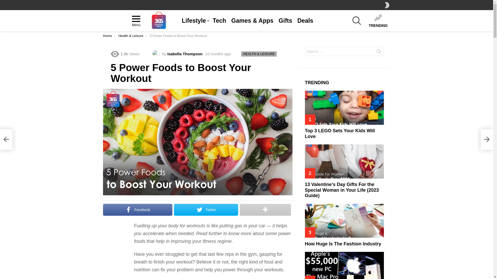  What do you see at coordinates (379, 52) in the screenshot?
I see `'Search'` at bounding box center [379, 52].